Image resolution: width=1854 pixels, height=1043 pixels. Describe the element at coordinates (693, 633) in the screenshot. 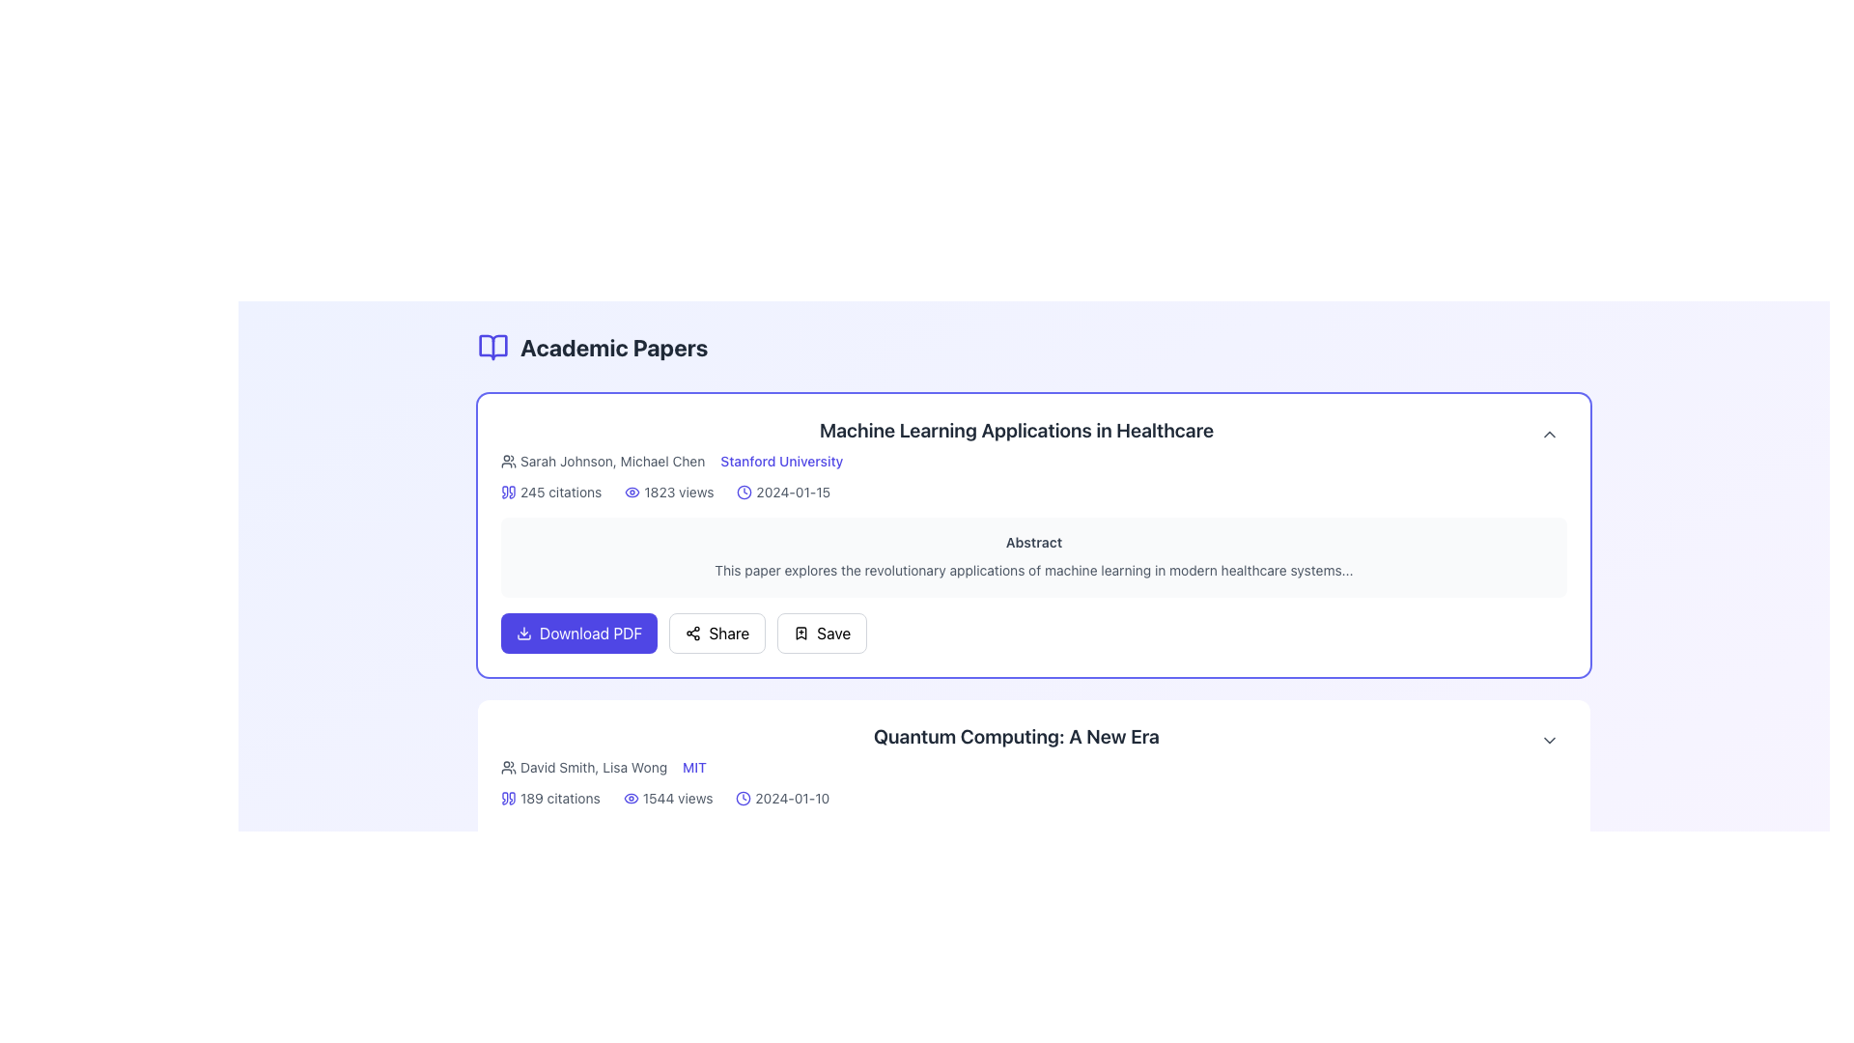

I see `the share icon located within the 'Share' button in the bottom part of the card titled 'Machine Learning Applications in Healthcare'` at that location.